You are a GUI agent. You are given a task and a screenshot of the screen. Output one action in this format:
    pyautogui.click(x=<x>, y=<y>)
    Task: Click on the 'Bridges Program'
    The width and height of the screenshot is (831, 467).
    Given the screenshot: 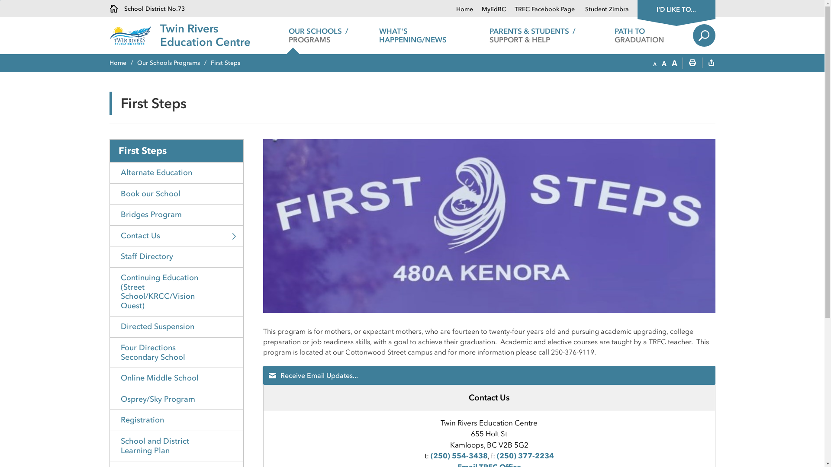 What is the action you would take?
    pyautogui.click(x=176, y=214)
    